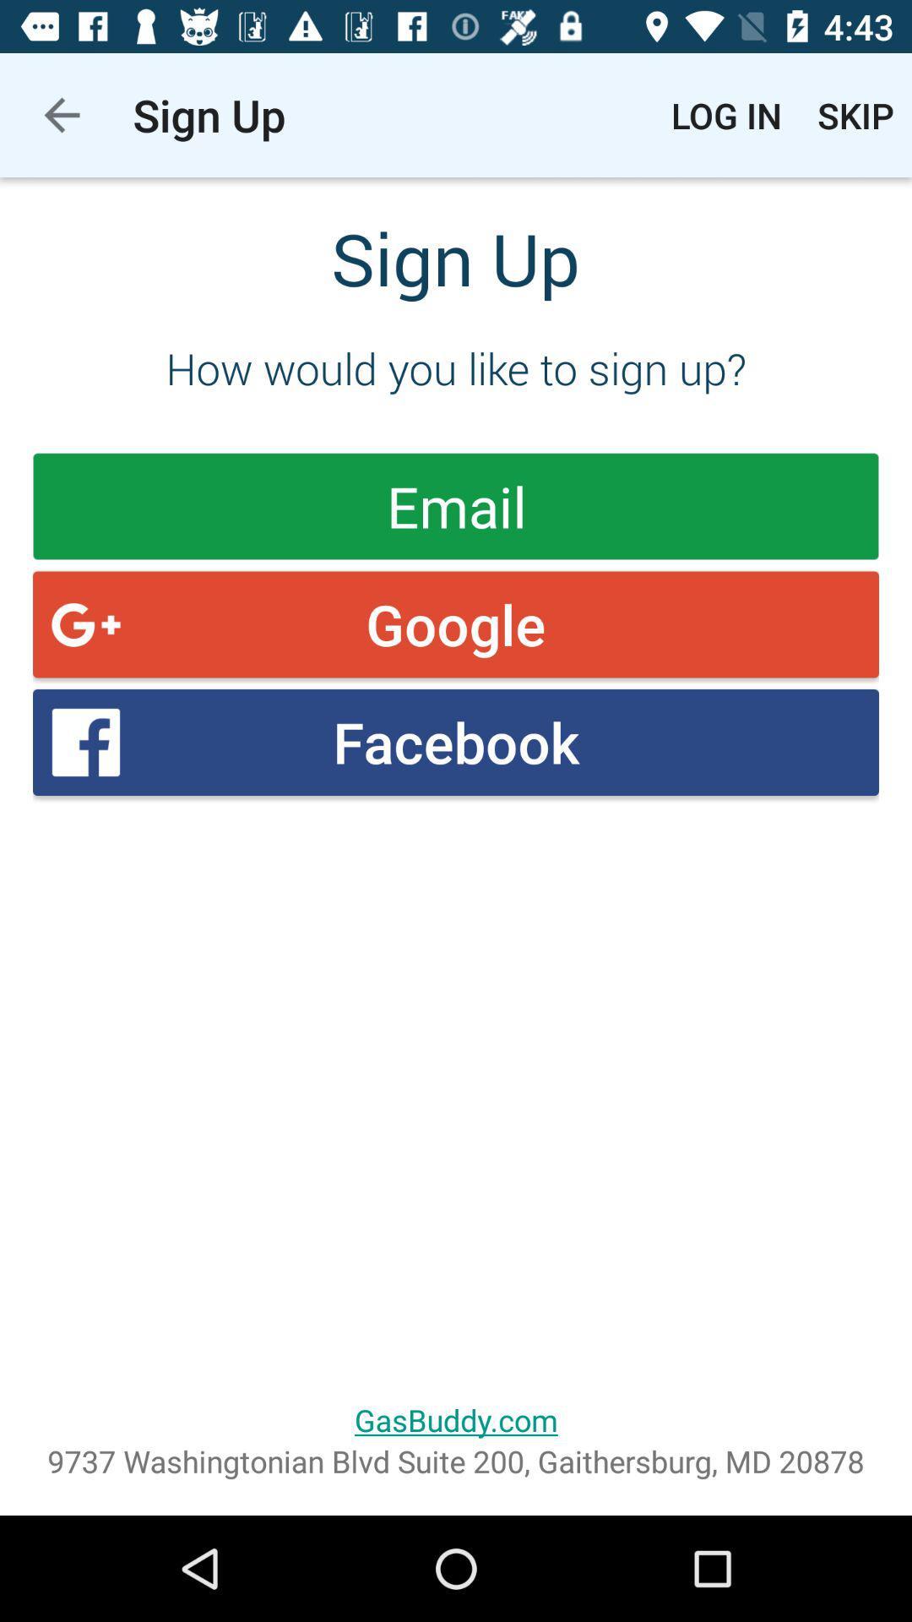  Describe the element at coordinates (725, 114) in the screenshot. I see `log in item` at that location.